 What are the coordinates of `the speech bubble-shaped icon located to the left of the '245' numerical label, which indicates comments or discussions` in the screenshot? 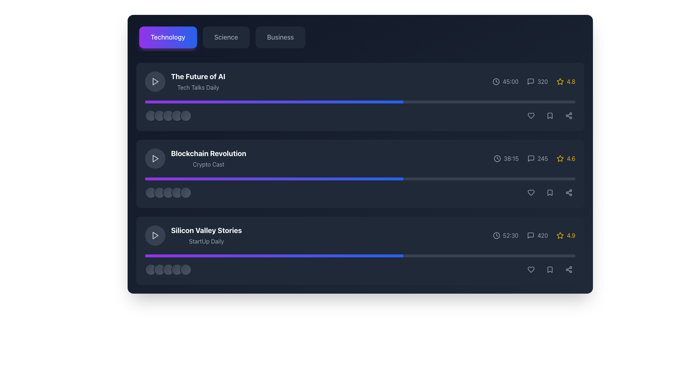 It's located at (531, 158).